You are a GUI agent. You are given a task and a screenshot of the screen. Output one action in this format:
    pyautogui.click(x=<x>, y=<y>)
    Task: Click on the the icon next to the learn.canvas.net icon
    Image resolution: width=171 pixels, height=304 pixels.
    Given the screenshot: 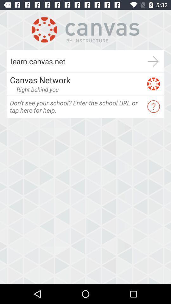 What is the action you would take?
    pyautogui.click(x=153, y=61)
    